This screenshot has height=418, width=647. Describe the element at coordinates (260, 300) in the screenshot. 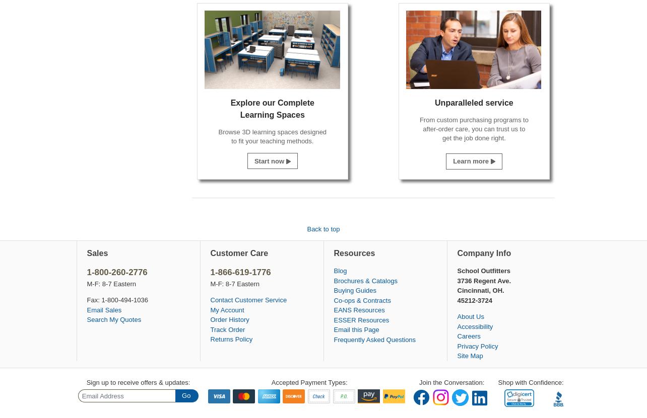

I see `'Customer Service'` at that location.